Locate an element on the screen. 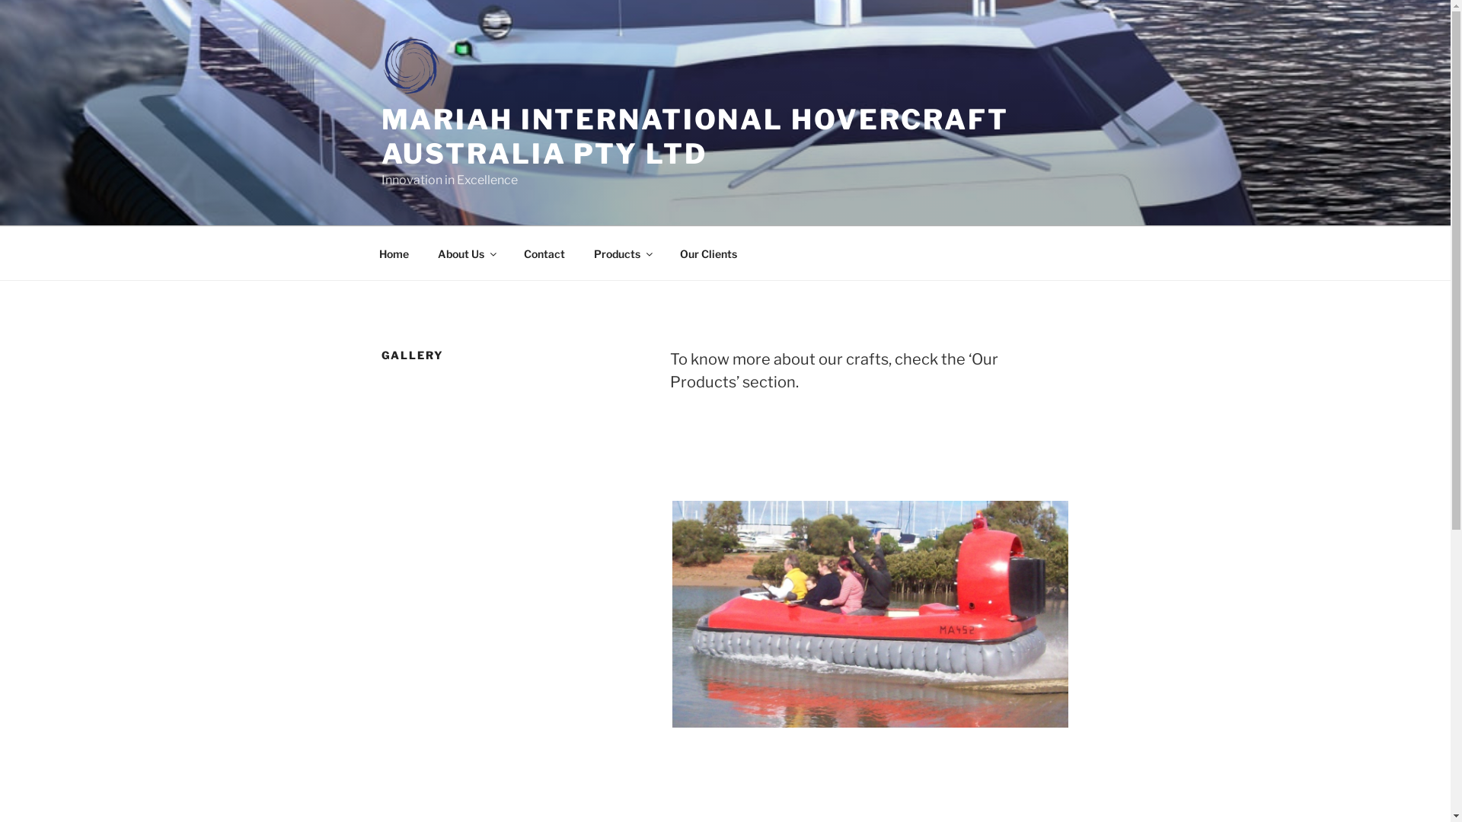  'Home' is located at coordinates (394, 252).